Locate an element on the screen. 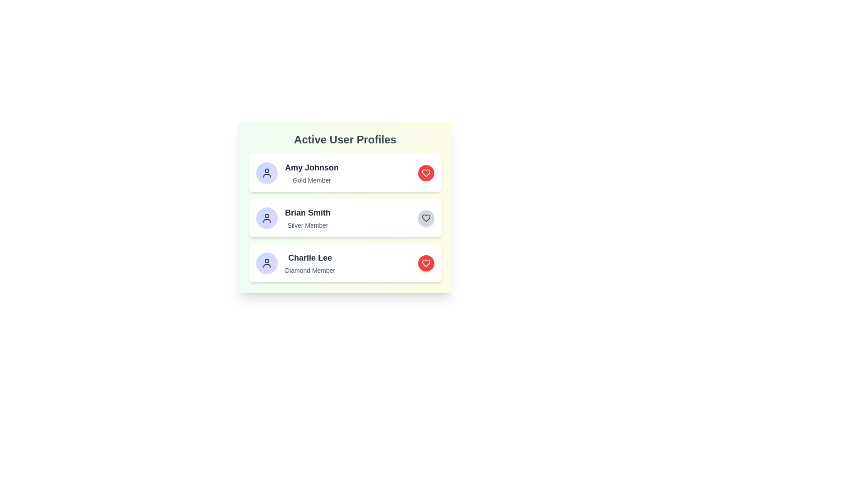 The width and height of the screenshot is (866, 487). the user silhouette icon, which is the second in a vertical list of profile icons is located at coordinates (266, 218).